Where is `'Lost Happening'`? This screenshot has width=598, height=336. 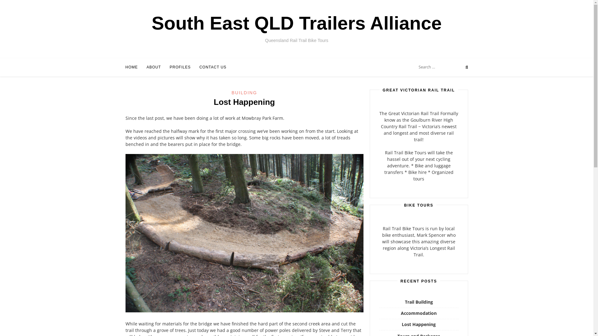
'Lost Happening' is located at coordinates (419, 324).